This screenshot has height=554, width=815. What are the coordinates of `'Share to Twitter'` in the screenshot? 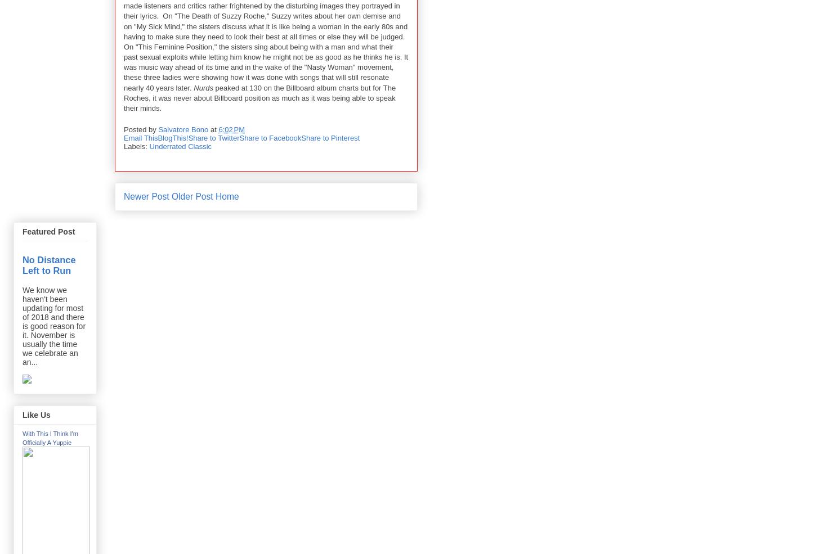 It's located at (213, 137).